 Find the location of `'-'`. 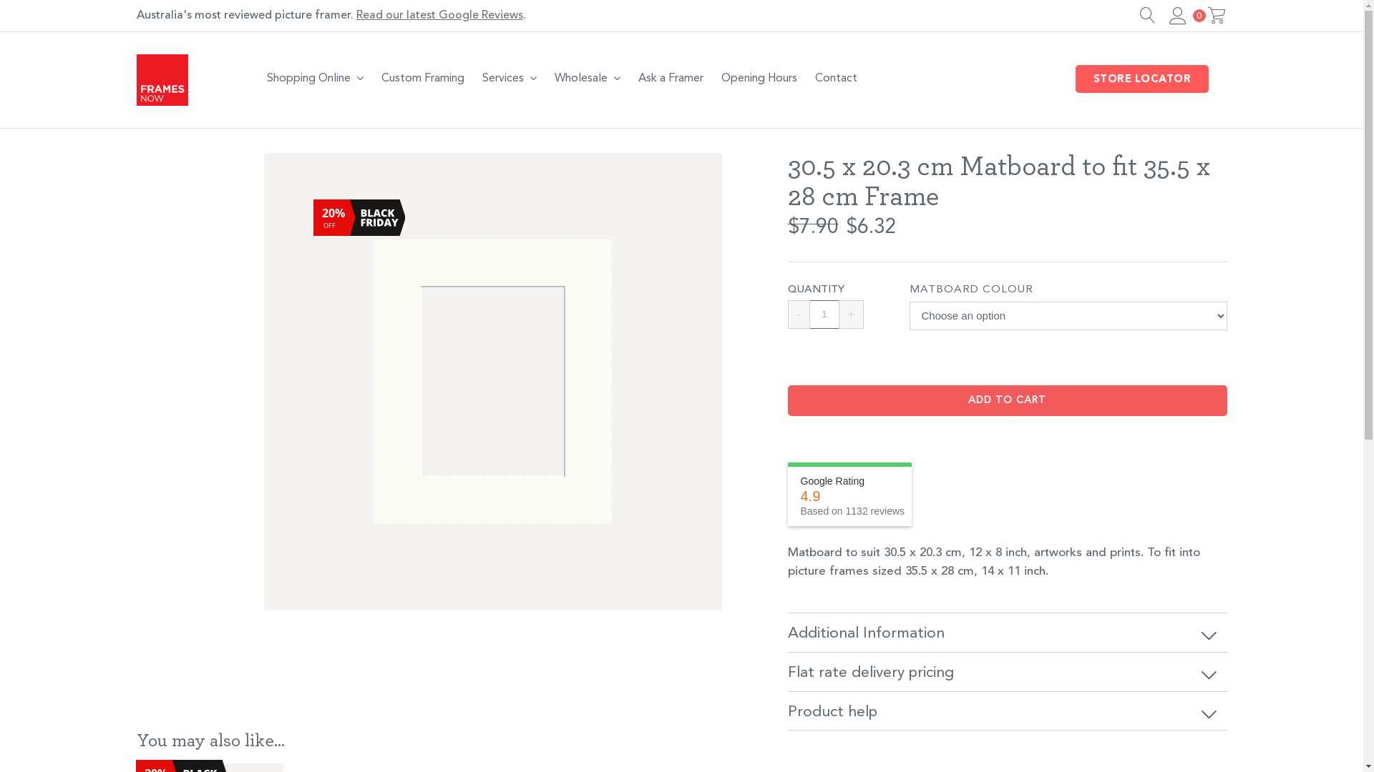

'-' is located at coordinates (797, 313).